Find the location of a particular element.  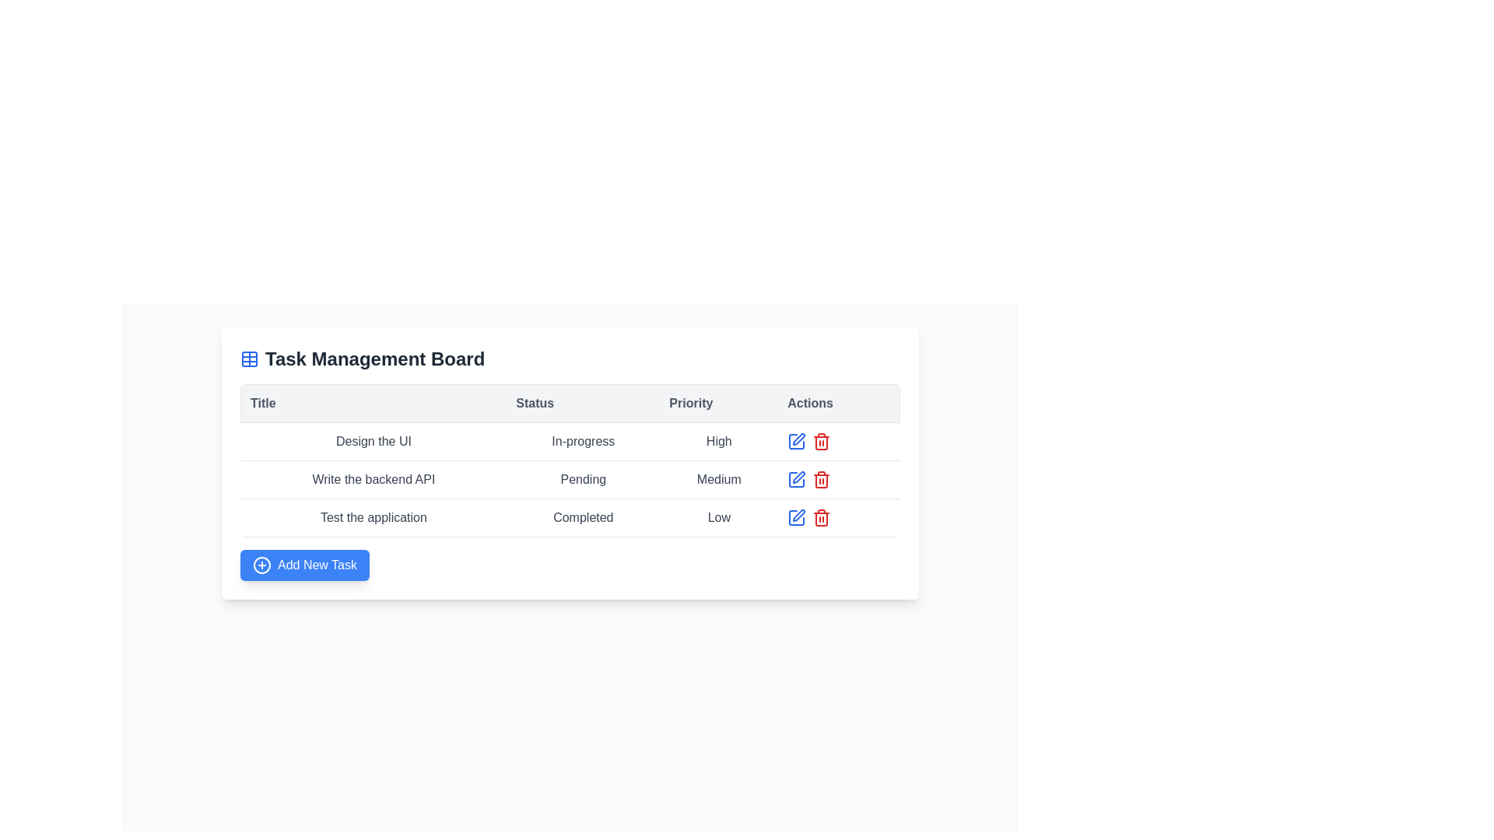

the delete button located in the bottom row of the 'Actions' column of the table, which is positioned to the right of a blue edit icon is located at coordinates (821, 518).